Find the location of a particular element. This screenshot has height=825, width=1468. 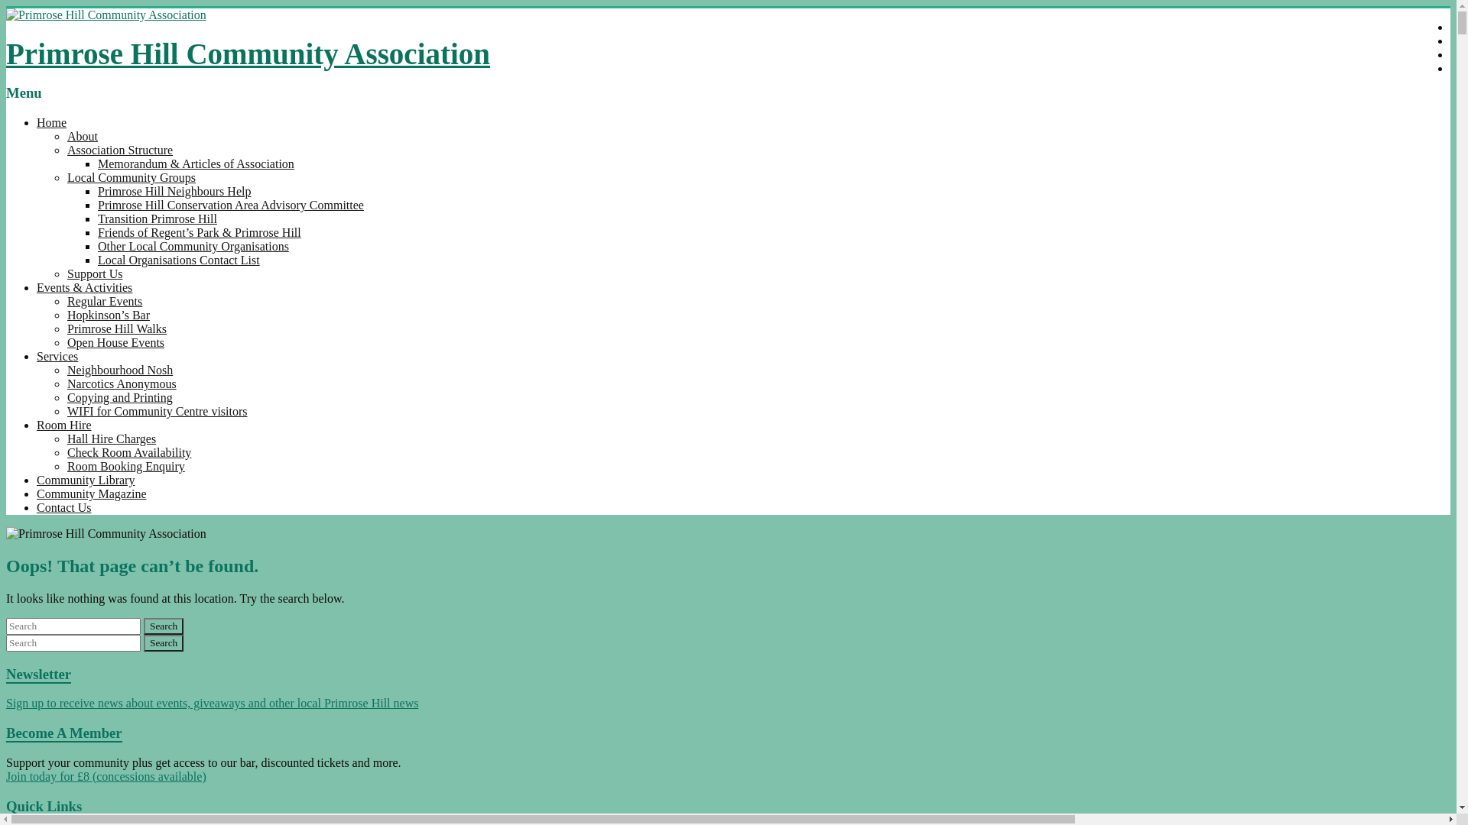

'Local Community Groups' is located at coordinates (132, 176).